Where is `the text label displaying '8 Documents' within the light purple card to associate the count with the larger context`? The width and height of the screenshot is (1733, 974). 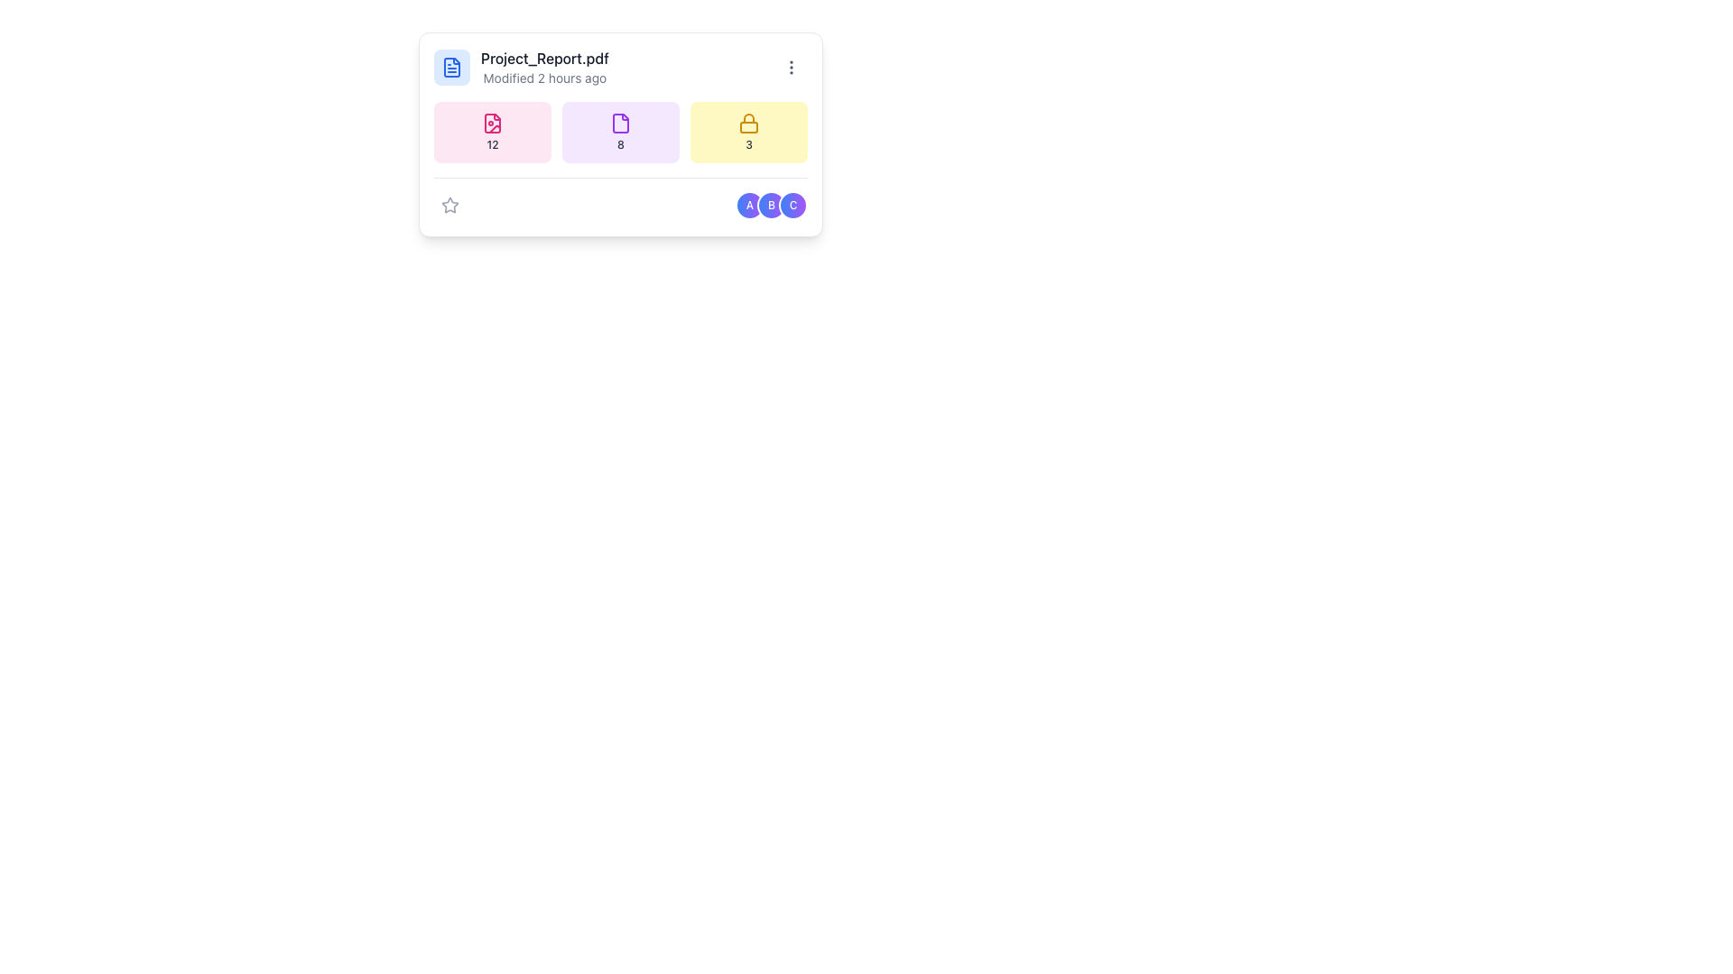 the text label displaying '8 Documents' within the light purple card to associate the count with the larger context is located at coordinates (620, 144).